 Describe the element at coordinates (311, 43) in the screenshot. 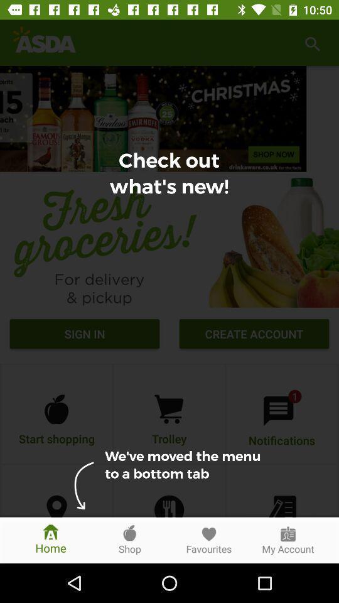

I see `the icon at the top right corner` at that location.